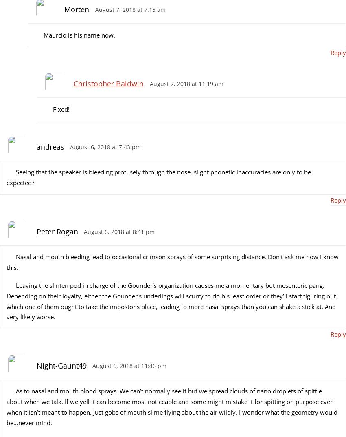 The height and width of the screenshot is (437, 346). What do you see at coordinates (105, 146) in the screenshot?
I see `'August 6, 2018 at 7:43 pm'` at bounding box center [105, 146].